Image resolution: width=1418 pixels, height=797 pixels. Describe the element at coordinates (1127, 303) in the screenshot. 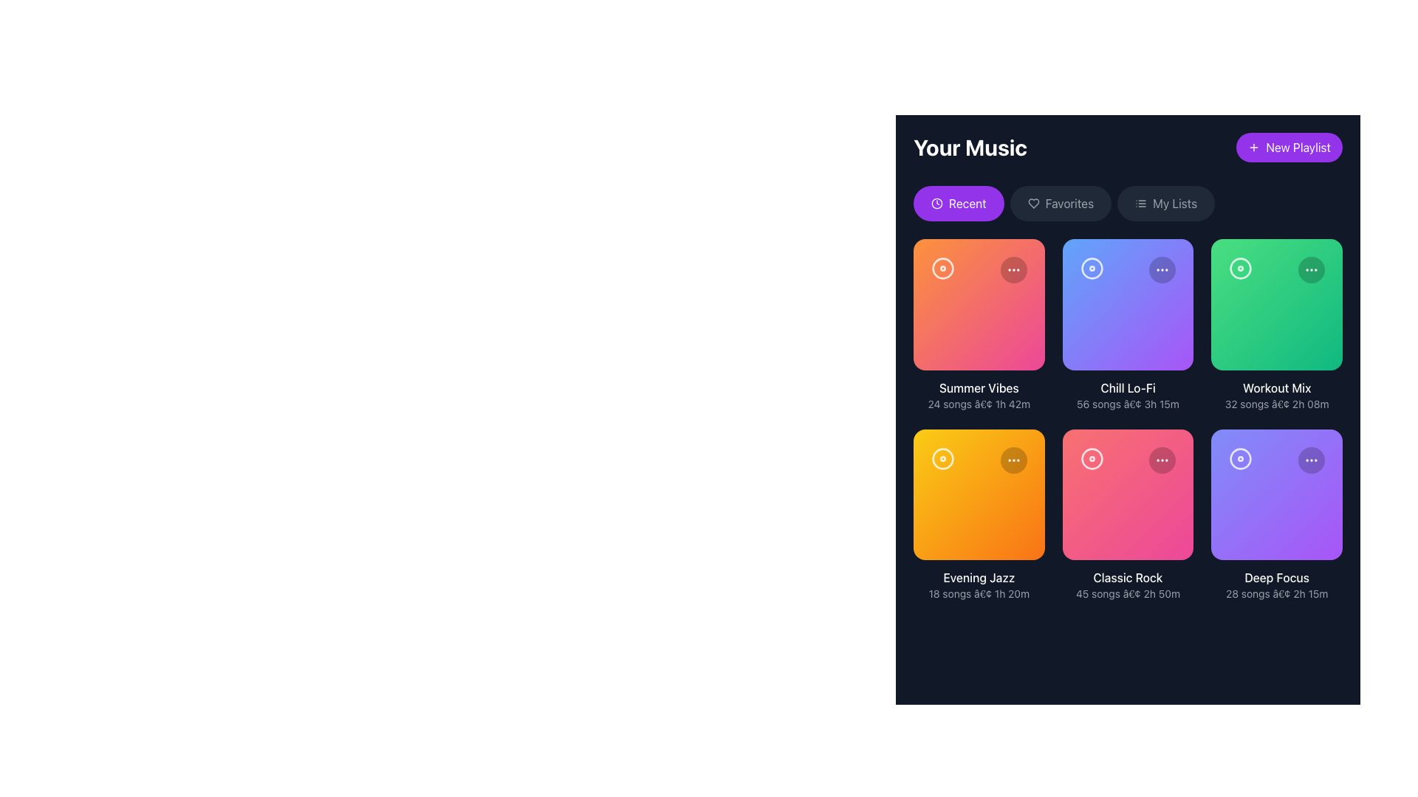

I see `the 'Chill Lo-Fi' playlist card, which is the middle item in the top row of the grid layout` at that location.